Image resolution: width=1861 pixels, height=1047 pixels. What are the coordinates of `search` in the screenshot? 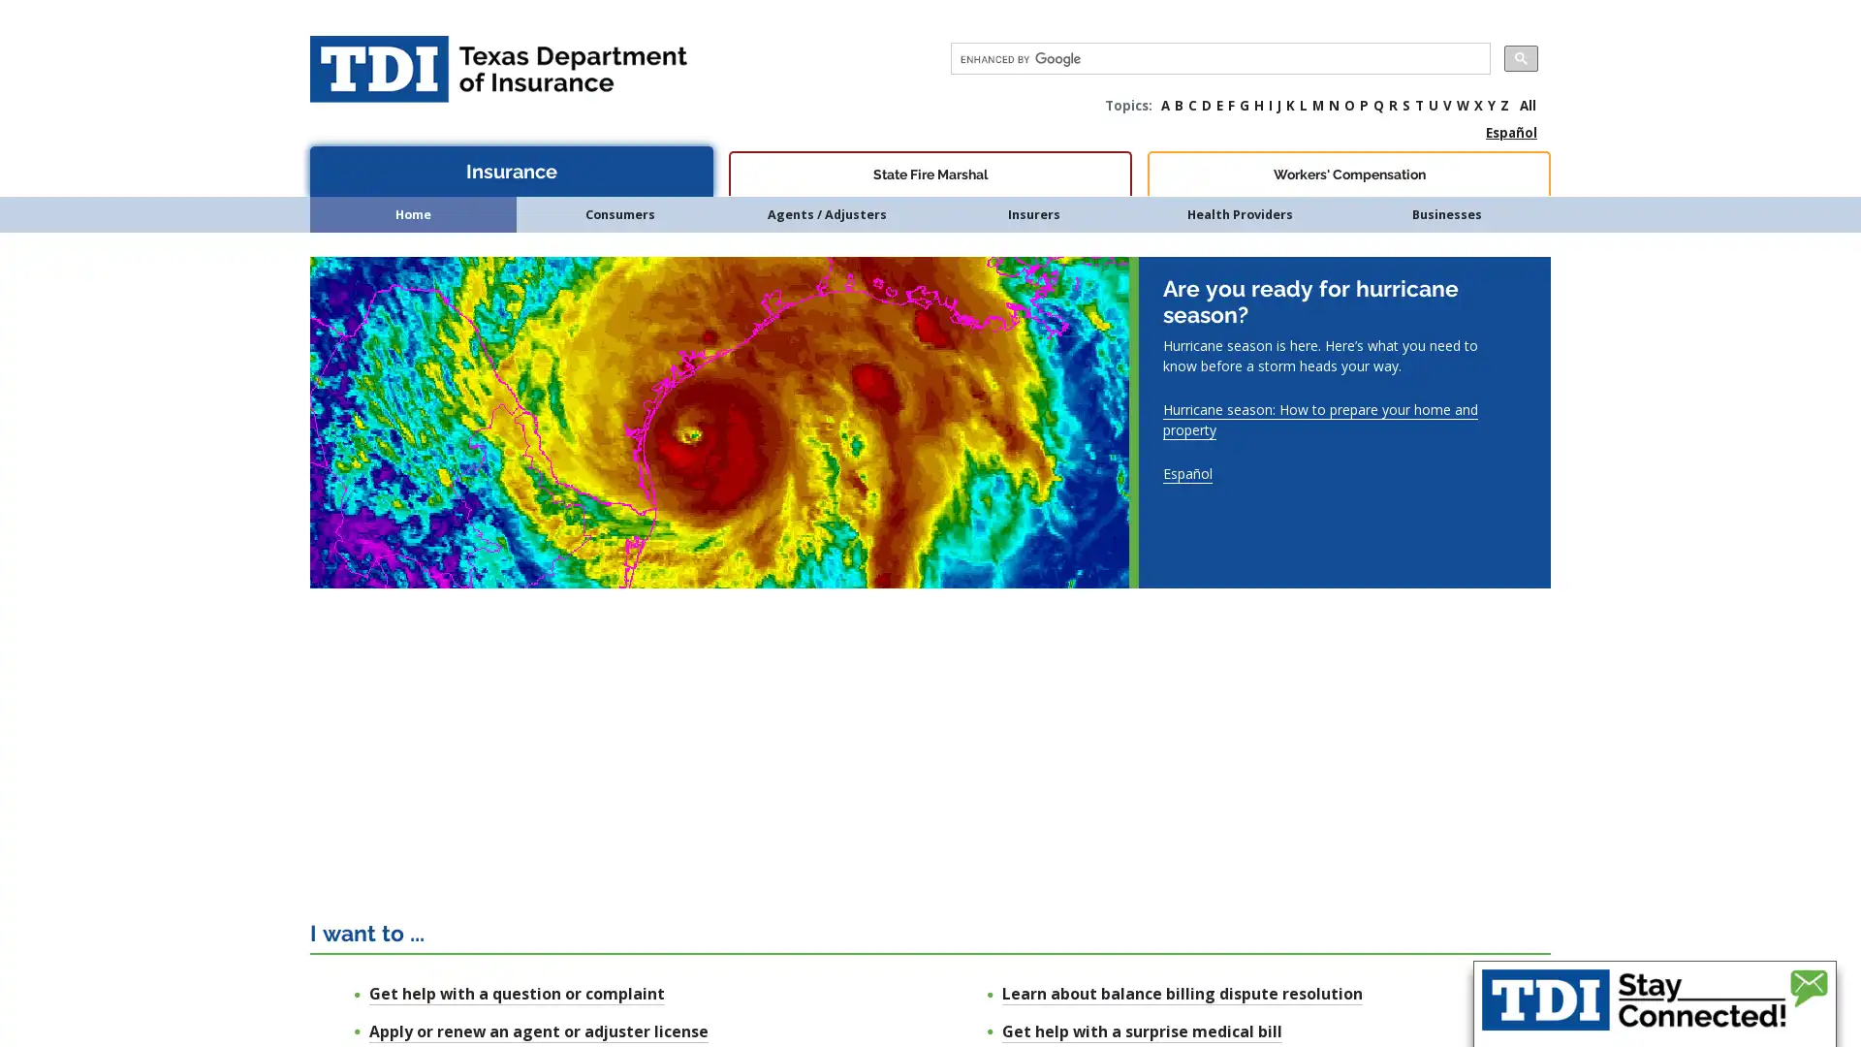 It's located at (1520, 57).